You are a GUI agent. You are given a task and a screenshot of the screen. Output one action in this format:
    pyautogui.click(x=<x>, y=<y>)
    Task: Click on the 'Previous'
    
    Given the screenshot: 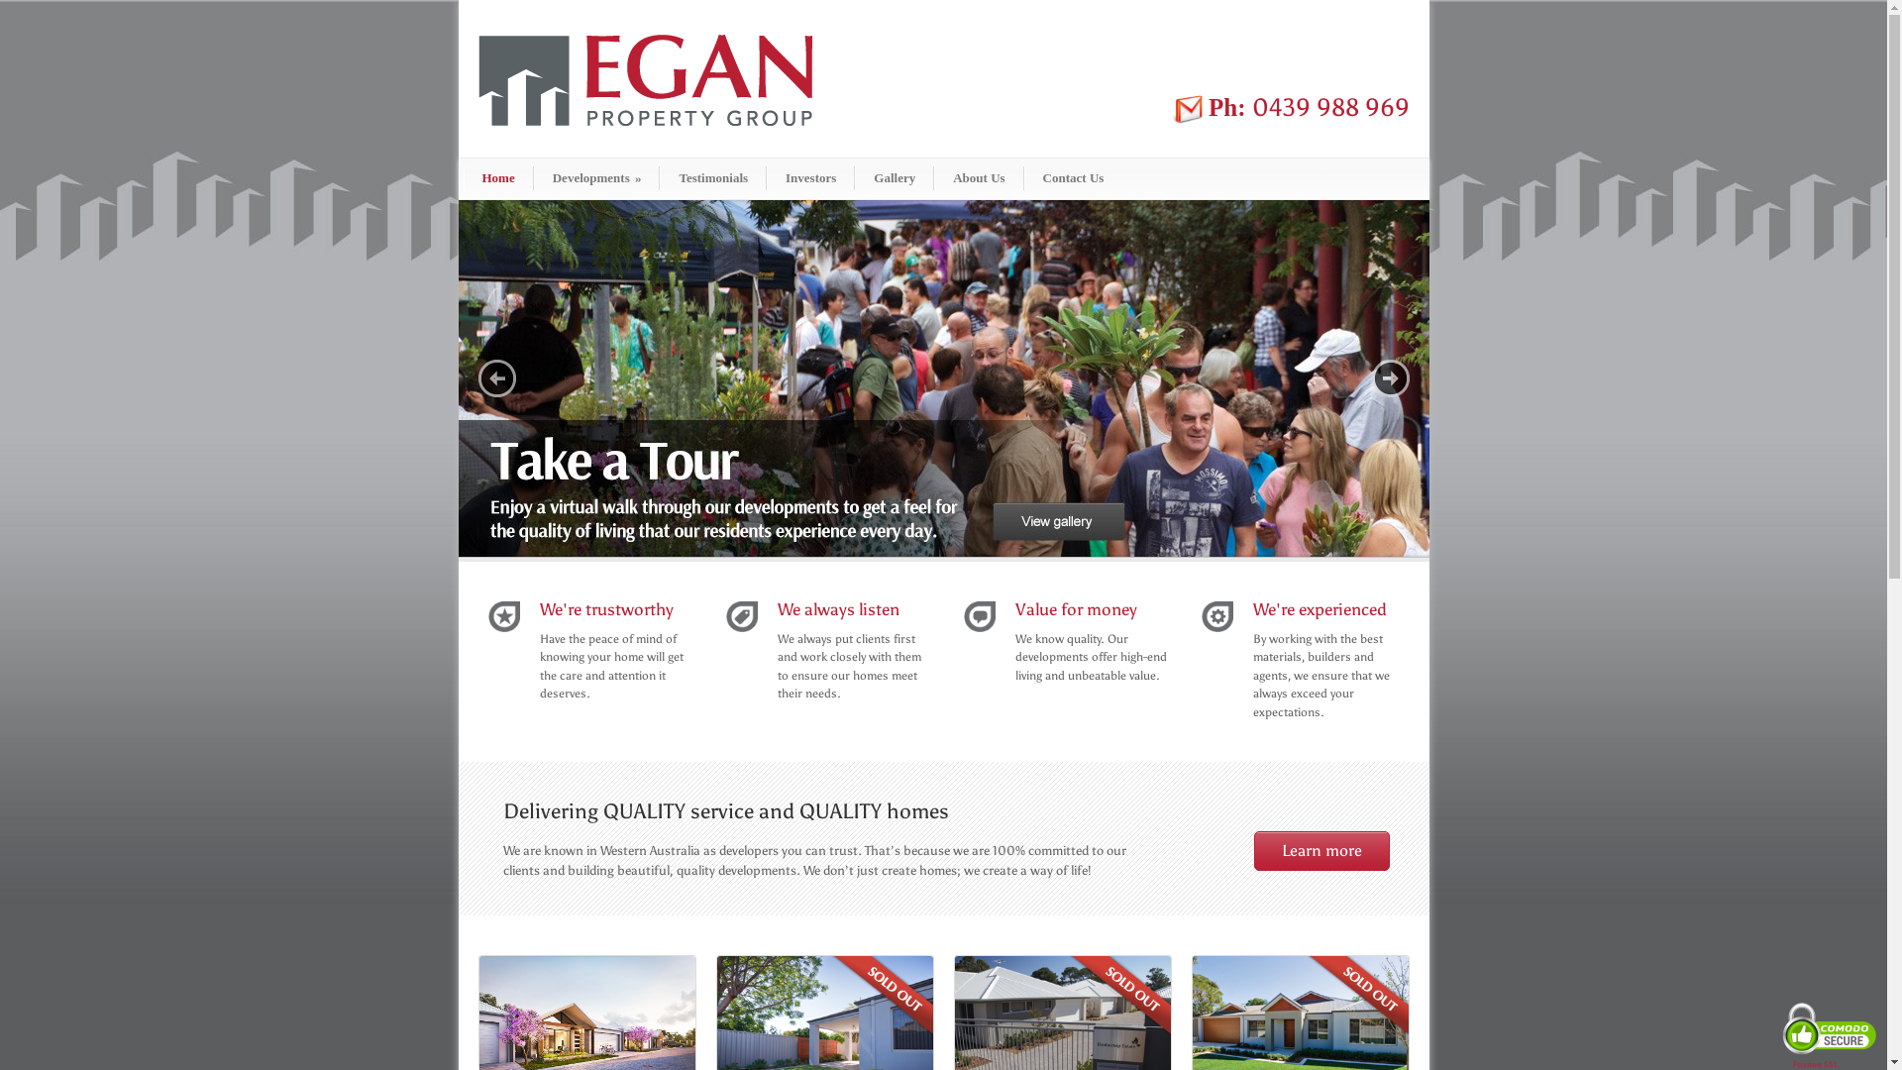 What is the action you would take?
    pyautogui.click(x=476, y=377)
    